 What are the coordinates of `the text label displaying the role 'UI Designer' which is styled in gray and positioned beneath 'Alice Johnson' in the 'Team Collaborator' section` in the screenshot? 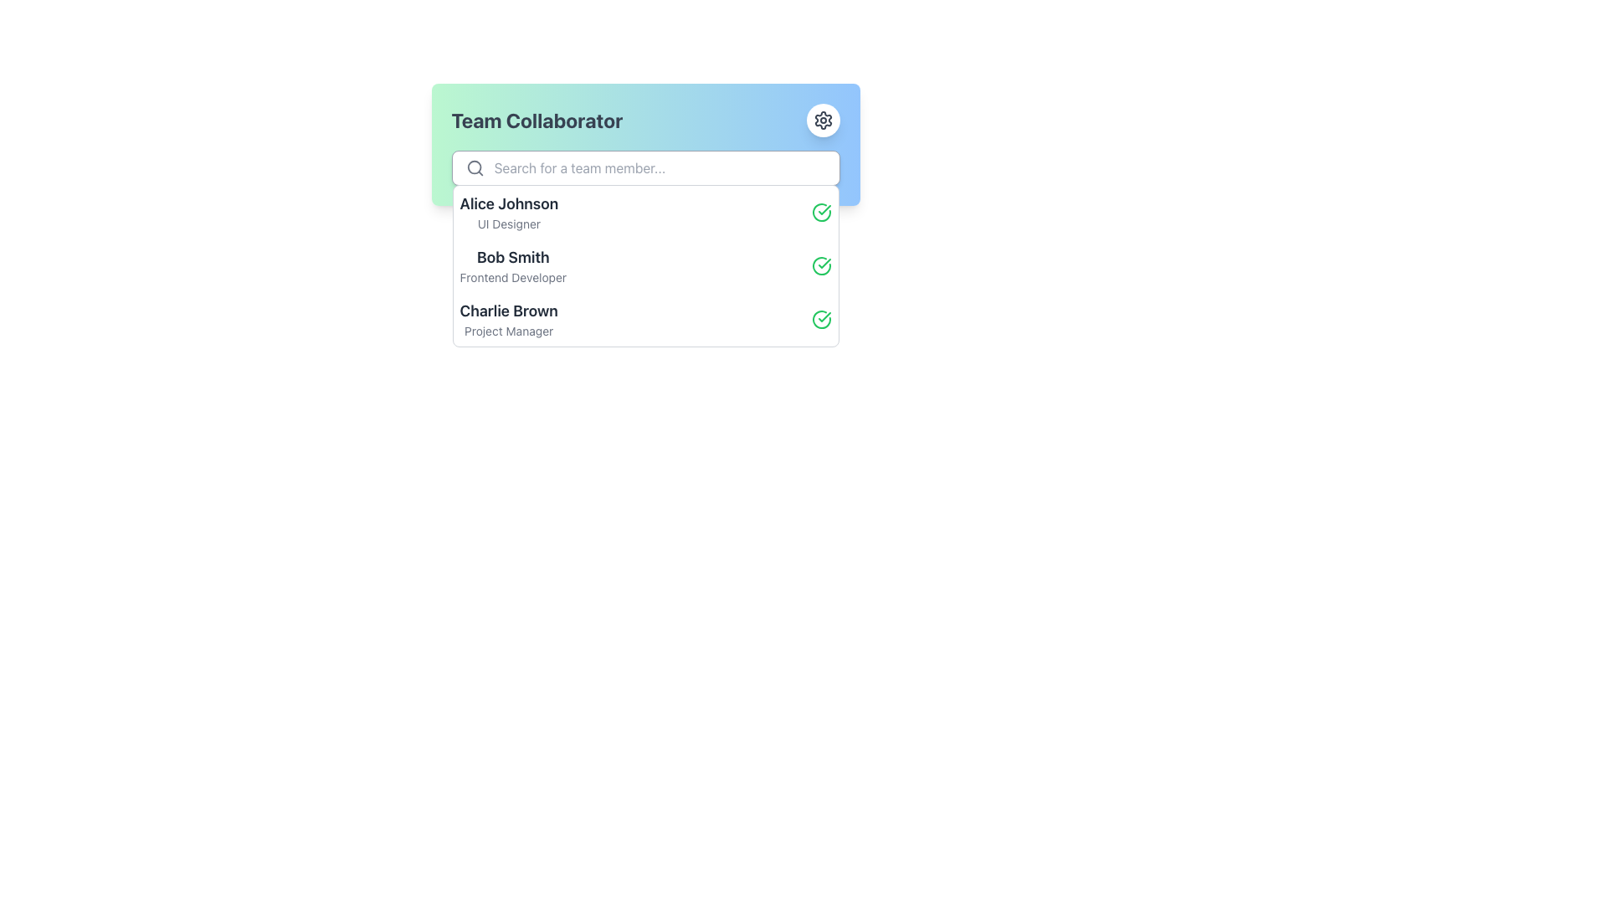 It's located at (508, 223).